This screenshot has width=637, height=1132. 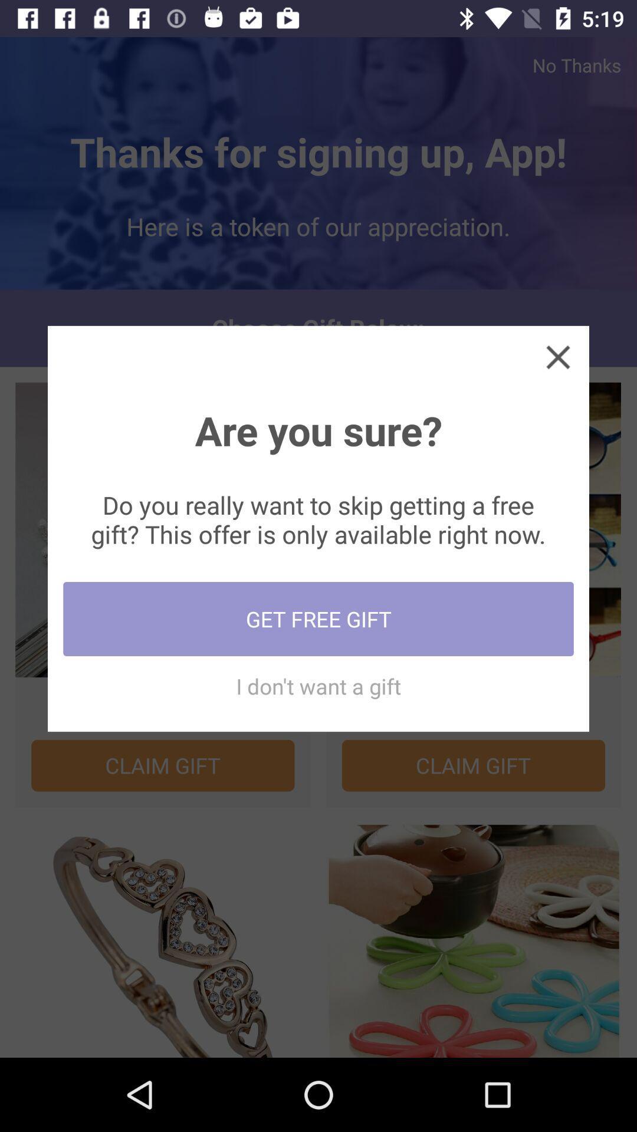 What do you see at coordinates (557, 356) in the screenshot?
I see `item above the are you sure? icon` at bounding box center [557, 356].